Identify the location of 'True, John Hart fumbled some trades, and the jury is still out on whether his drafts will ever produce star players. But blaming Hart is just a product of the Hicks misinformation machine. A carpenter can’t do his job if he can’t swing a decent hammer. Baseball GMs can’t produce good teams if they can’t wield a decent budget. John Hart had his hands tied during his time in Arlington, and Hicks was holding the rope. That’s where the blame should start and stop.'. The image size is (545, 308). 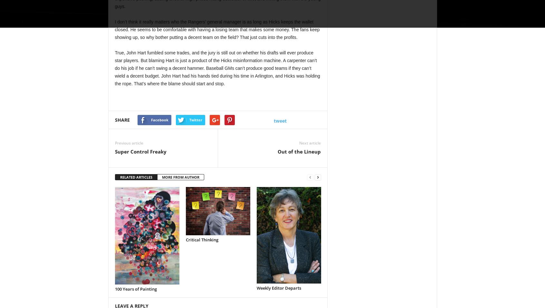
(217, 68).